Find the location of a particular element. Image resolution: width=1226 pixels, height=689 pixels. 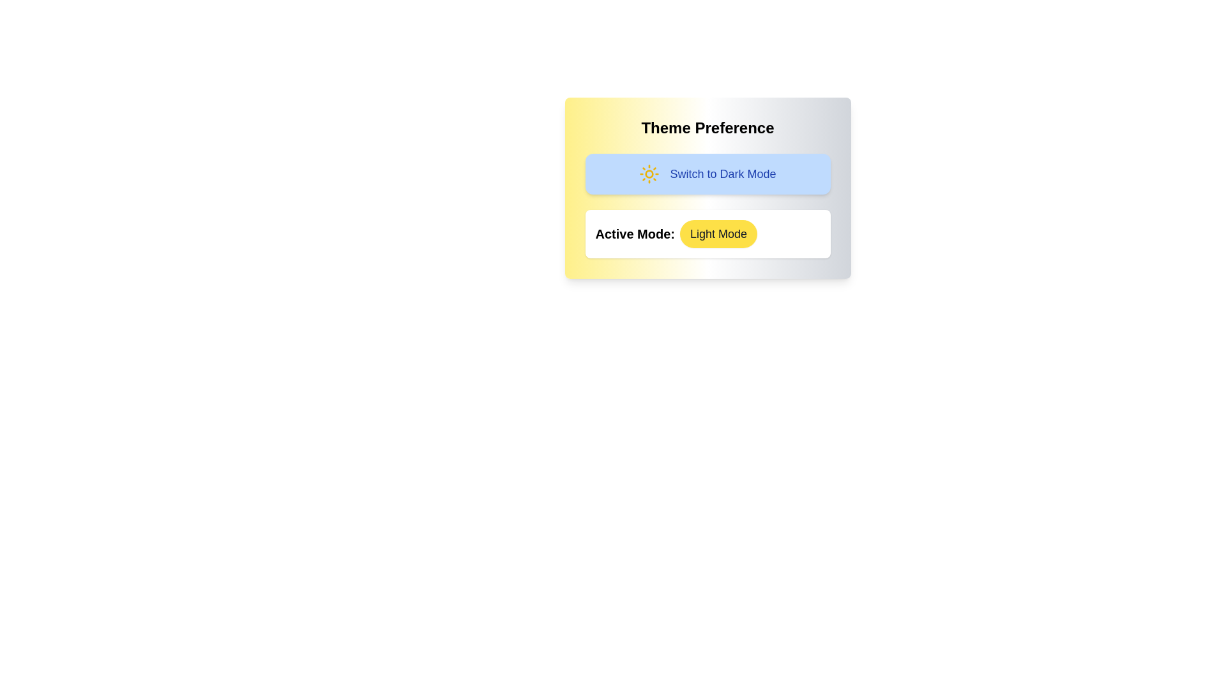

the heading element at the top of the card that indicates the content or functionality described below, which serves as the title for the card is located at coordinates (707, 128).